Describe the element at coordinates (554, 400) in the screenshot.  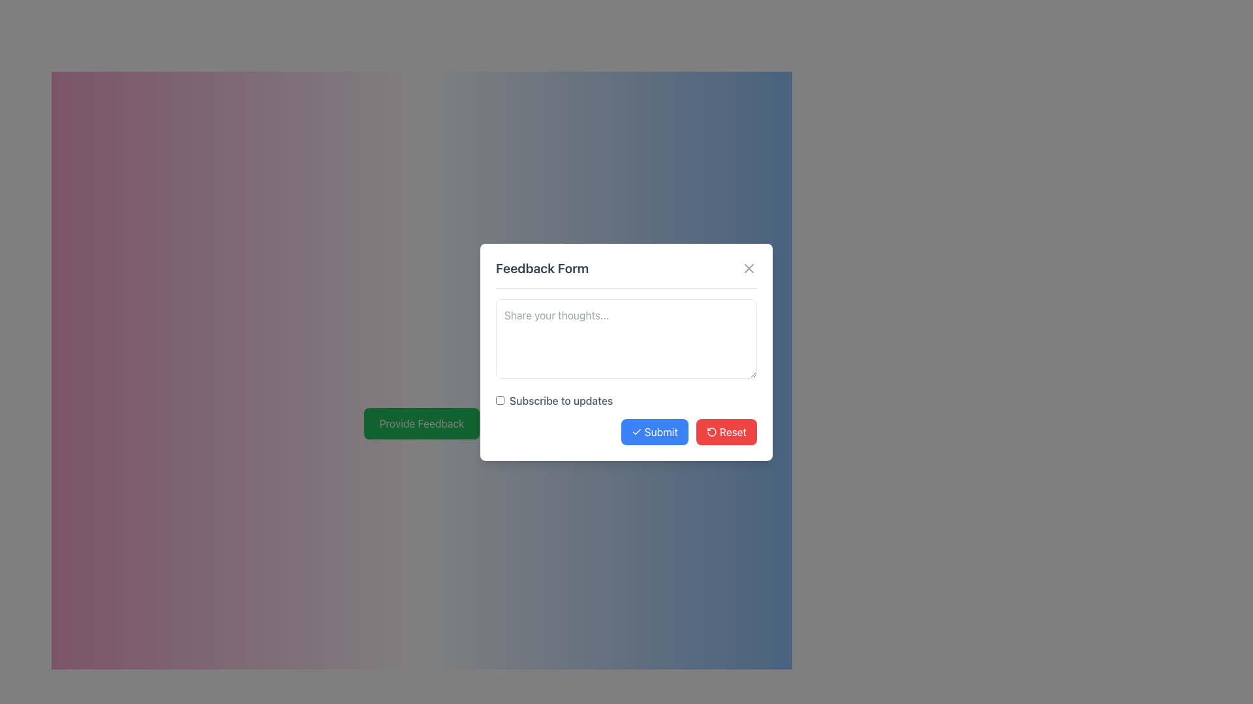
I see `the text label that describes the function of the adjacent checkbox in the feedback form modal` at that location.